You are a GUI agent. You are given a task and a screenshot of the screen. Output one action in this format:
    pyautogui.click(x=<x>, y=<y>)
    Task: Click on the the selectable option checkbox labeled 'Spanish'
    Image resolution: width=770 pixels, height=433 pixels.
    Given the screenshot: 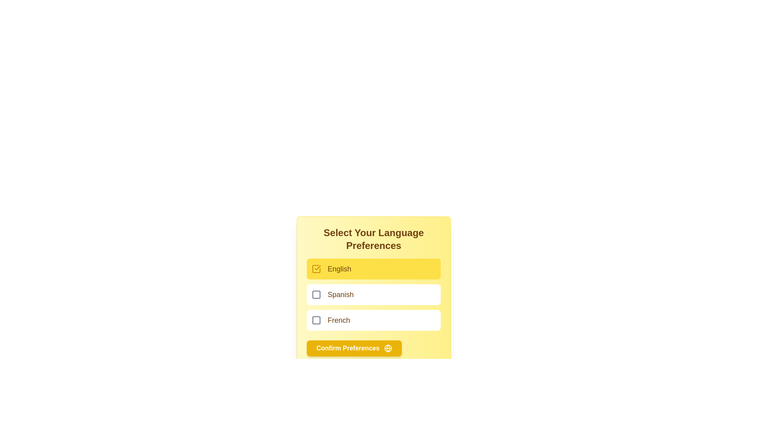 What is the action you would take?
    pyautogui.click(x=373, y=295)
    